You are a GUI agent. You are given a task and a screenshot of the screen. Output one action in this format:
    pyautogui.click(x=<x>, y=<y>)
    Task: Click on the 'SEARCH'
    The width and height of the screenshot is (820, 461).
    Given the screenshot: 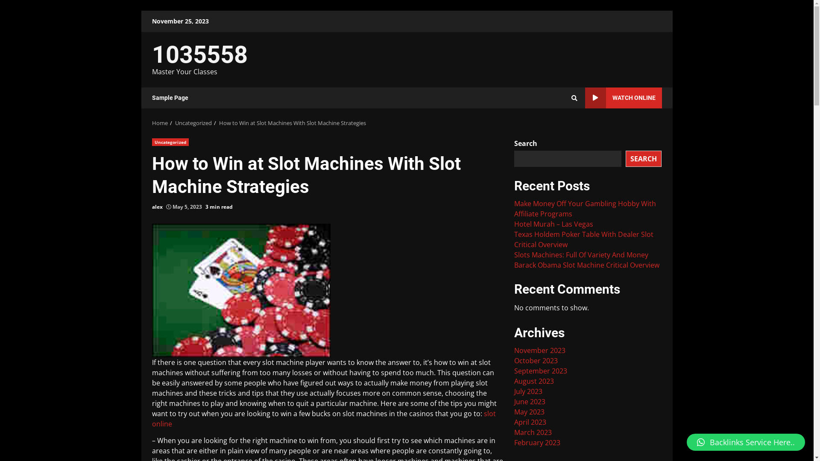 What is the action you would take?
    pyautogui.click(x=644, y=158)
    